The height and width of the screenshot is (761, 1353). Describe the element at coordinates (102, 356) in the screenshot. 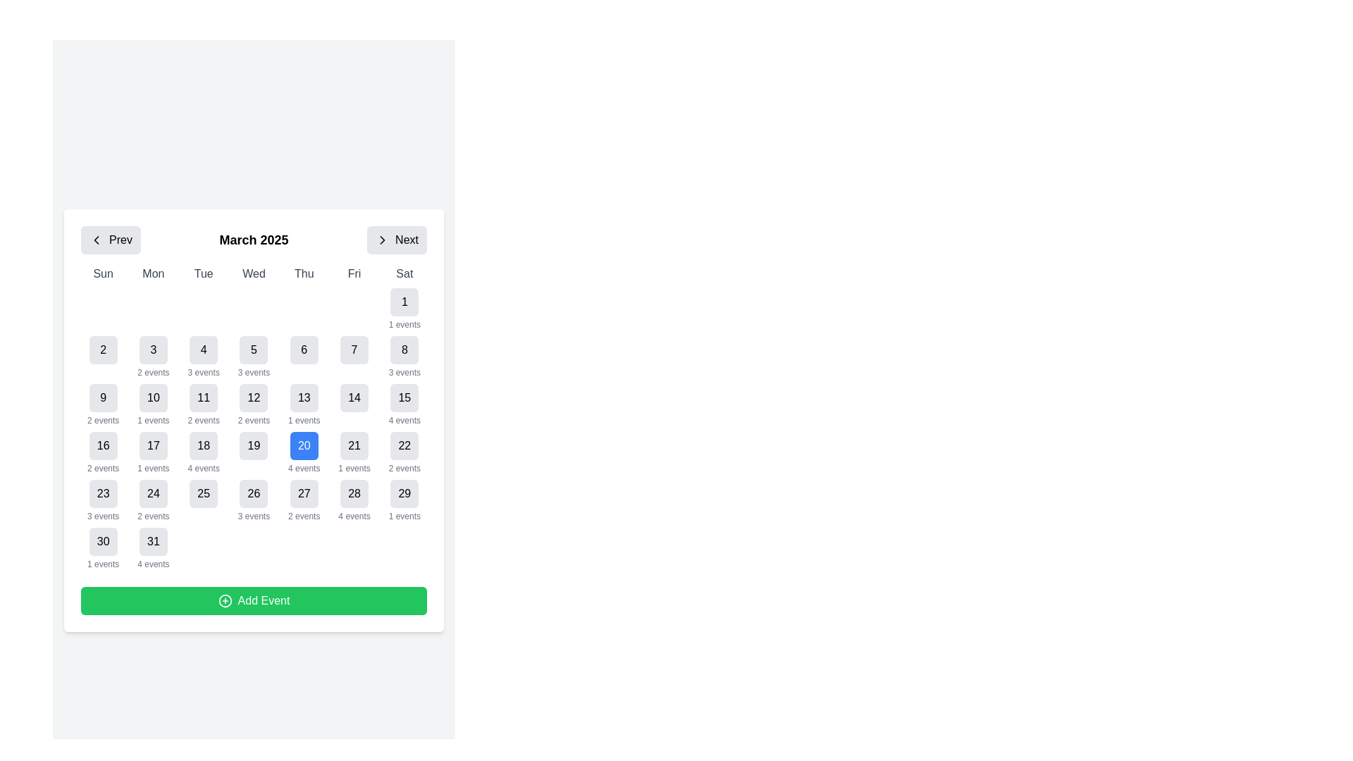

I see `the button displaying the number '2' in bold font located in the calendar grid under the 'Sun' column` at that location.